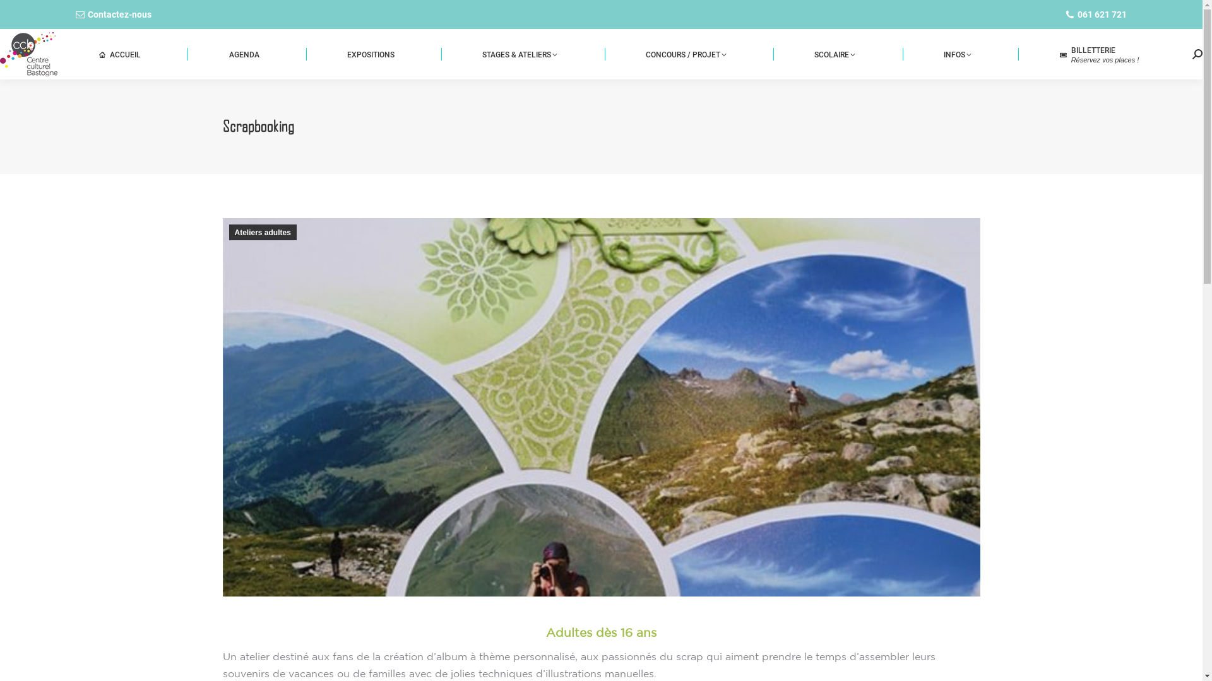  What do you see at coordinates (114, 15) in the screenshot?
I see `'Contactez-nous'` at bounding box center [114, 15].